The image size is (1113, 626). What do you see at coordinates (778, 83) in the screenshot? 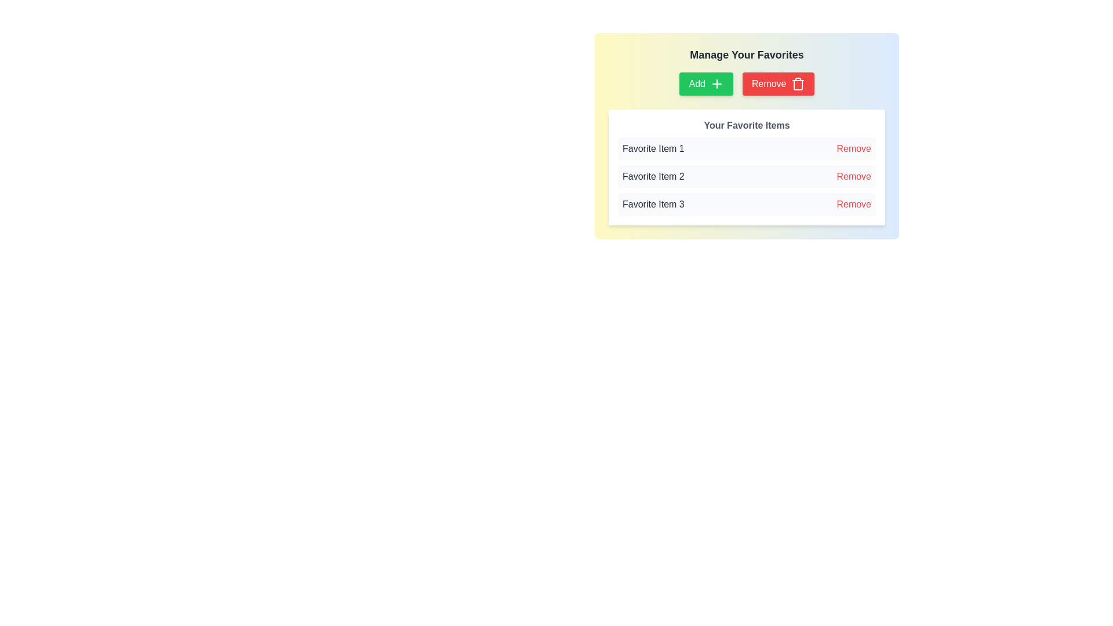
I see `the delete button located to the right of the green 'Add' button` at bounding box center [778, 83].